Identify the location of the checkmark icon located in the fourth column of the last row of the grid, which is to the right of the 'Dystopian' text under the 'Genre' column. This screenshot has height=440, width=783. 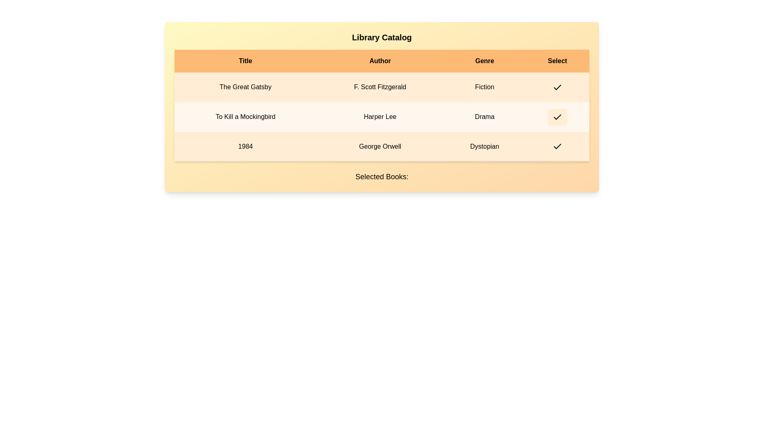
(557, 146).